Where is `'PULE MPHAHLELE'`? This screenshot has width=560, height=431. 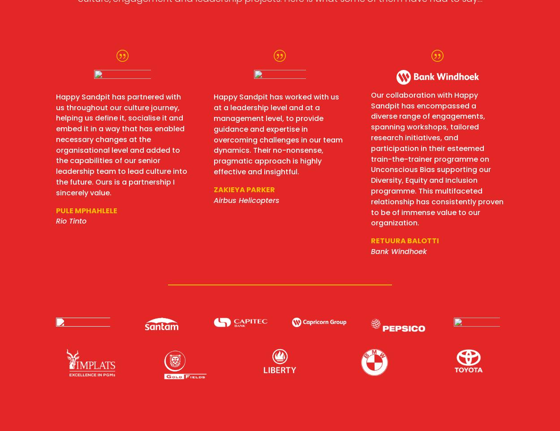
'PULE MPHAHLELE' is located at coordinates (86, 210).